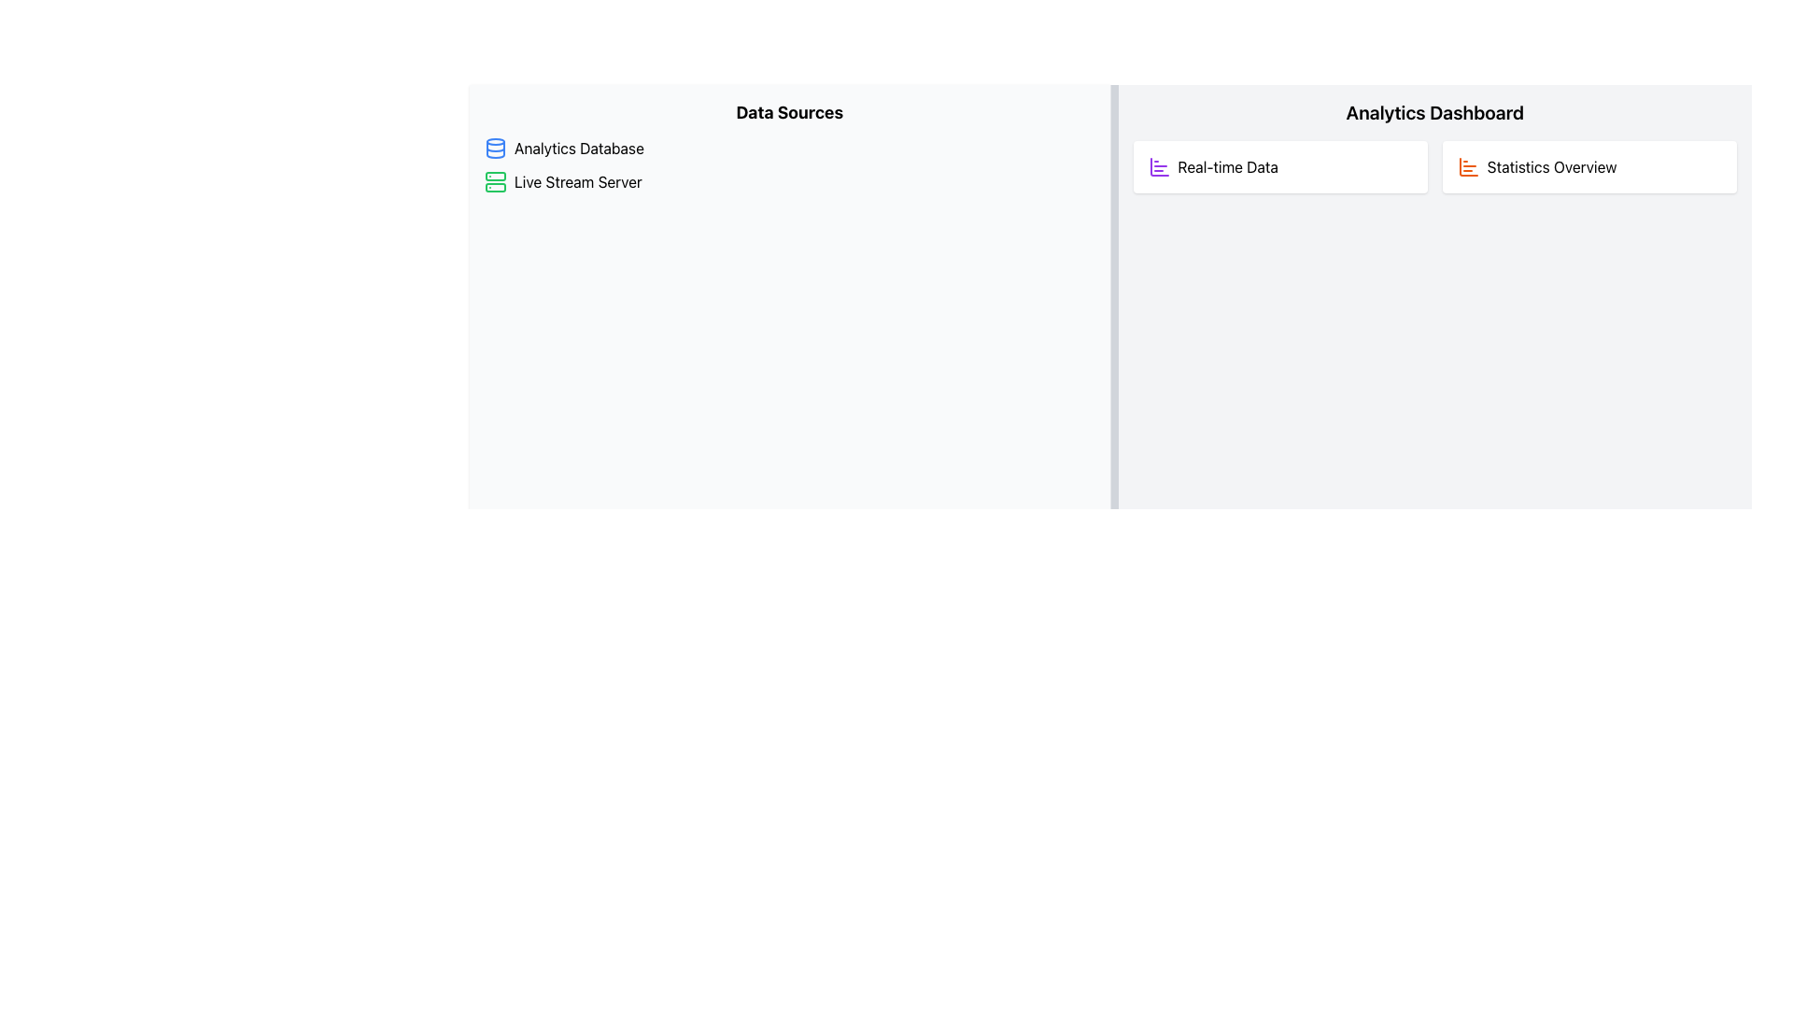 The image size is (1793, 1009). Describe the element at coordinates (496, 187) in the screenshot. I see `the bottom half of the server icon, which is located to the left of the 'Live Stream Server' text in the 'Data Sources' section` at that location.